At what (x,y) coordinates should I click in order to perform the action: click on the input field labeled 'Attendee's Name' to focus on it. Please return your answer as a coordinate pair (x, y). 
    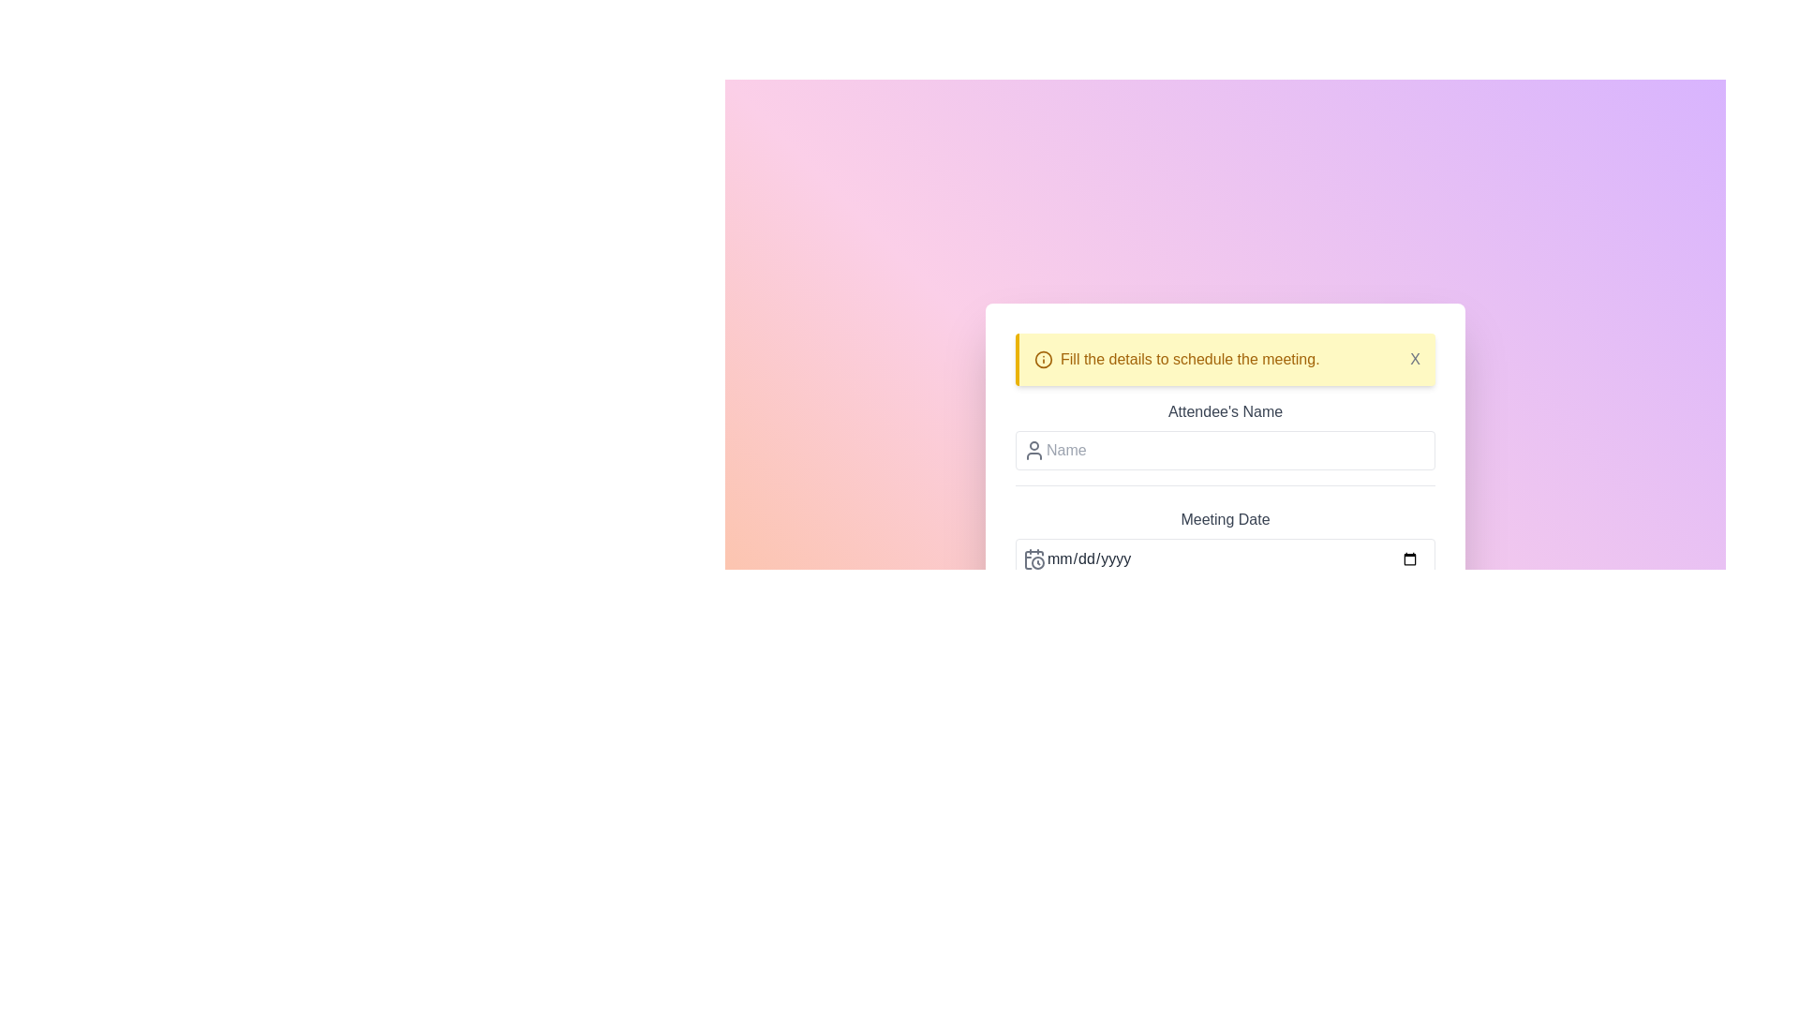
    Looking at the image, I should click on (1226, 443).